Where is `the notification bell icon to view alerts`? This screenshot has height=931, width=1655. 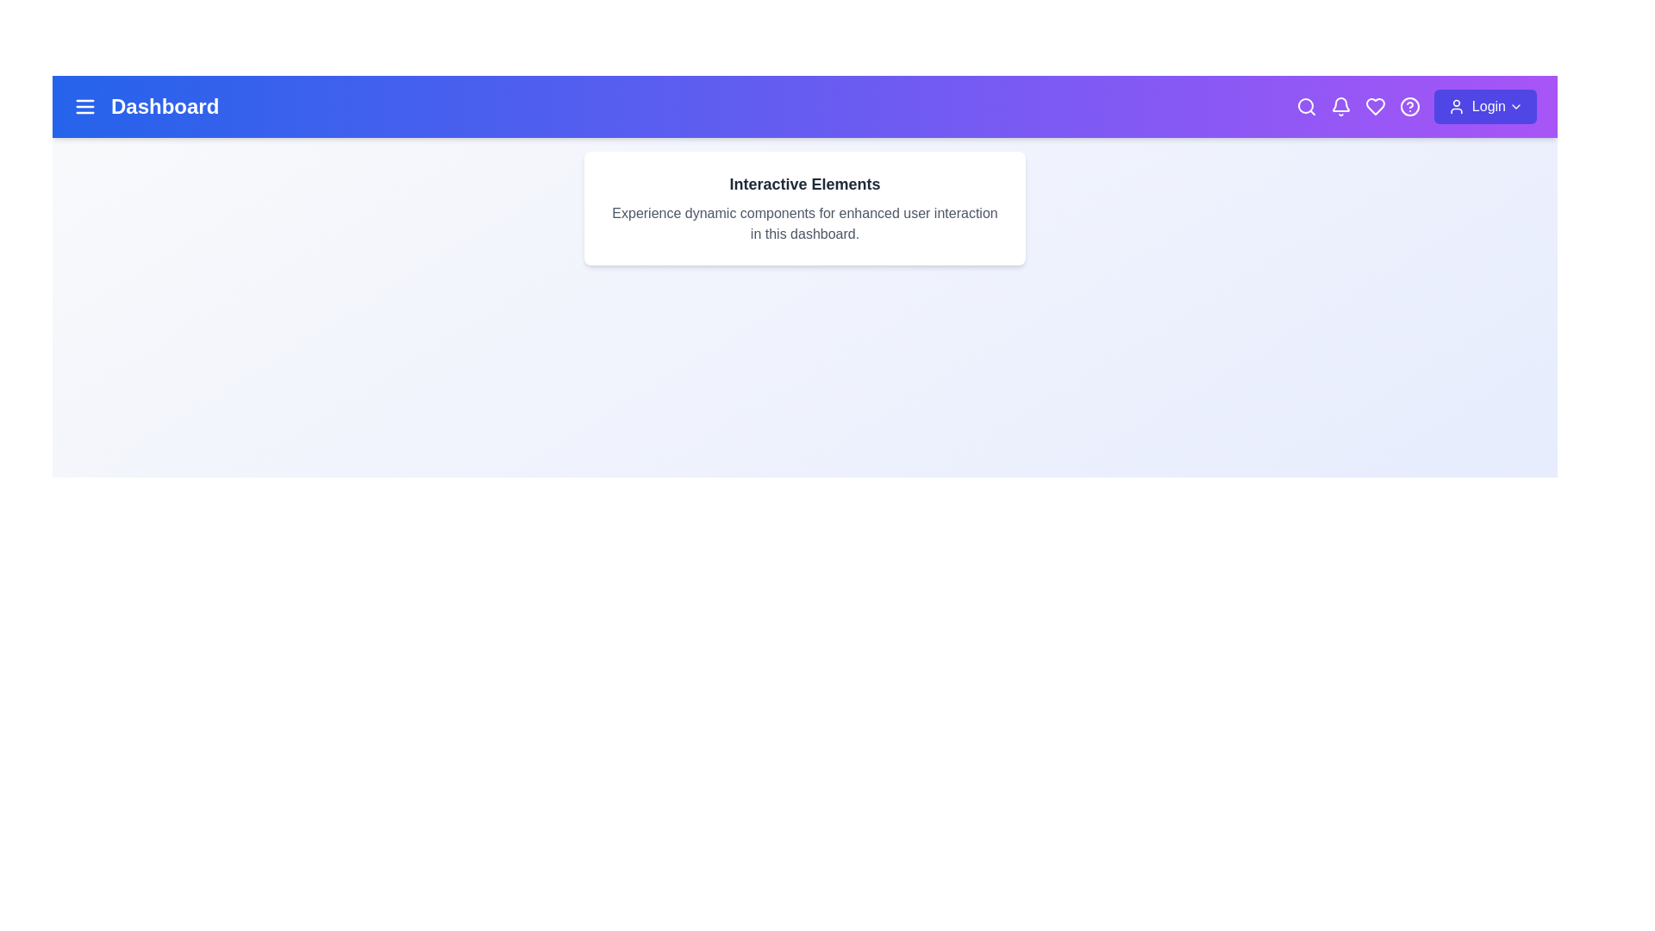 the notification bell icon to view alerts is located at coordinates (1340, 106).